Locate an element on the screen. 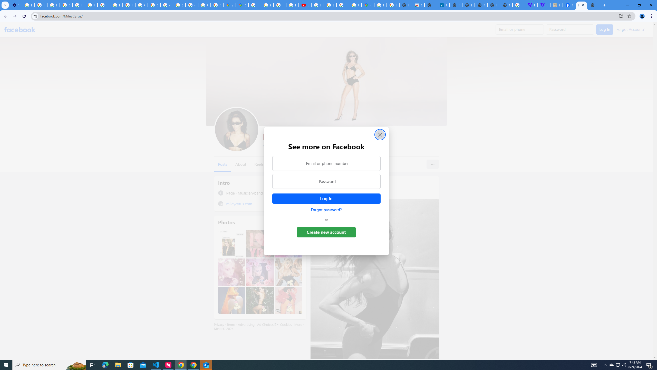  'Miley Cyrus | Facebook' is located at coordinates (568, 5).